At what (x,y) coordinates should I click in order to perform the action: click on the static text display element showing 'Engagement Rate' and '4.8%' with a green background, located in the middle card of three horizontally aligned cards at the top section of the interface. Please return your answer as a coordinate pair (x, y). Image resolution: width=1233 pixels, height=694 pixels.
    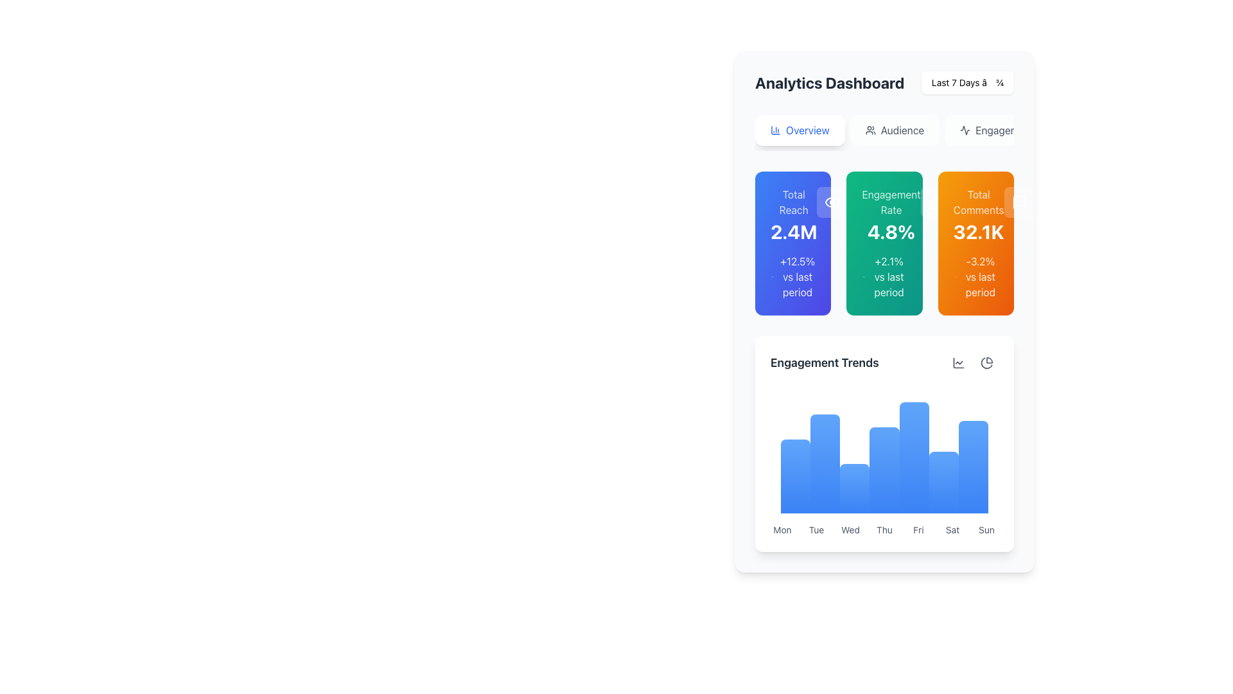
    Looking at the image, I should click on (890, 215).